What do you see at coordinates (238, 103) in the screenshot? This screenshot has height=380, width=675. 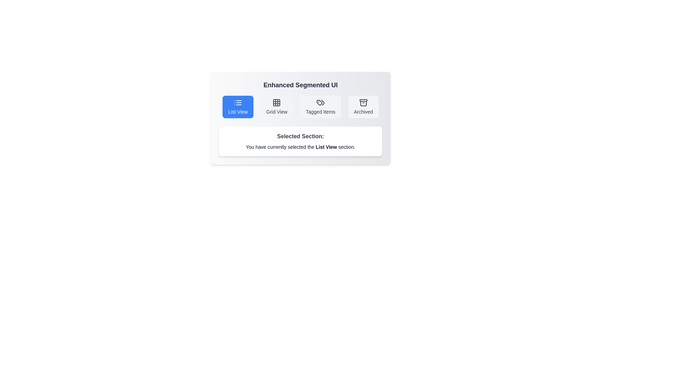 I see `the icon resembling a list layout with three vertical white lines, located above the 'List View' text in the blue-highlighted segment of the UI` at bounding box center [238, 103].